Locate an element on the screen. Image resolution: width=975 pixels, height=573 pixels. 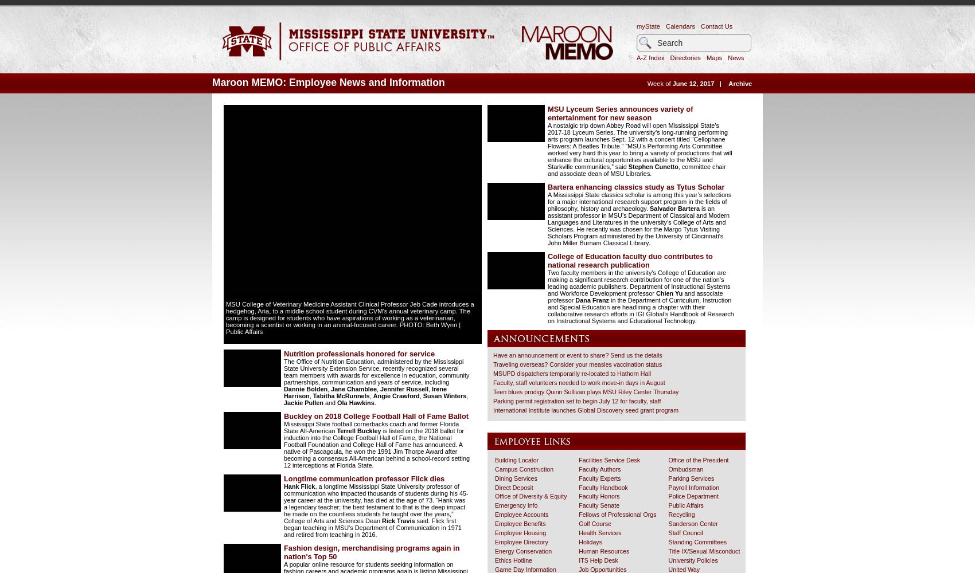
'Fellows of Professional Orgs' is located at coordinates (617, 515).